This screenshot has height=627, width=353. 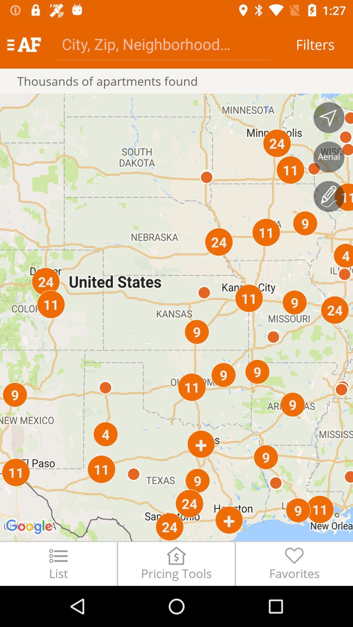 I want to click on icon next to list item, so click(x=176, y=563).